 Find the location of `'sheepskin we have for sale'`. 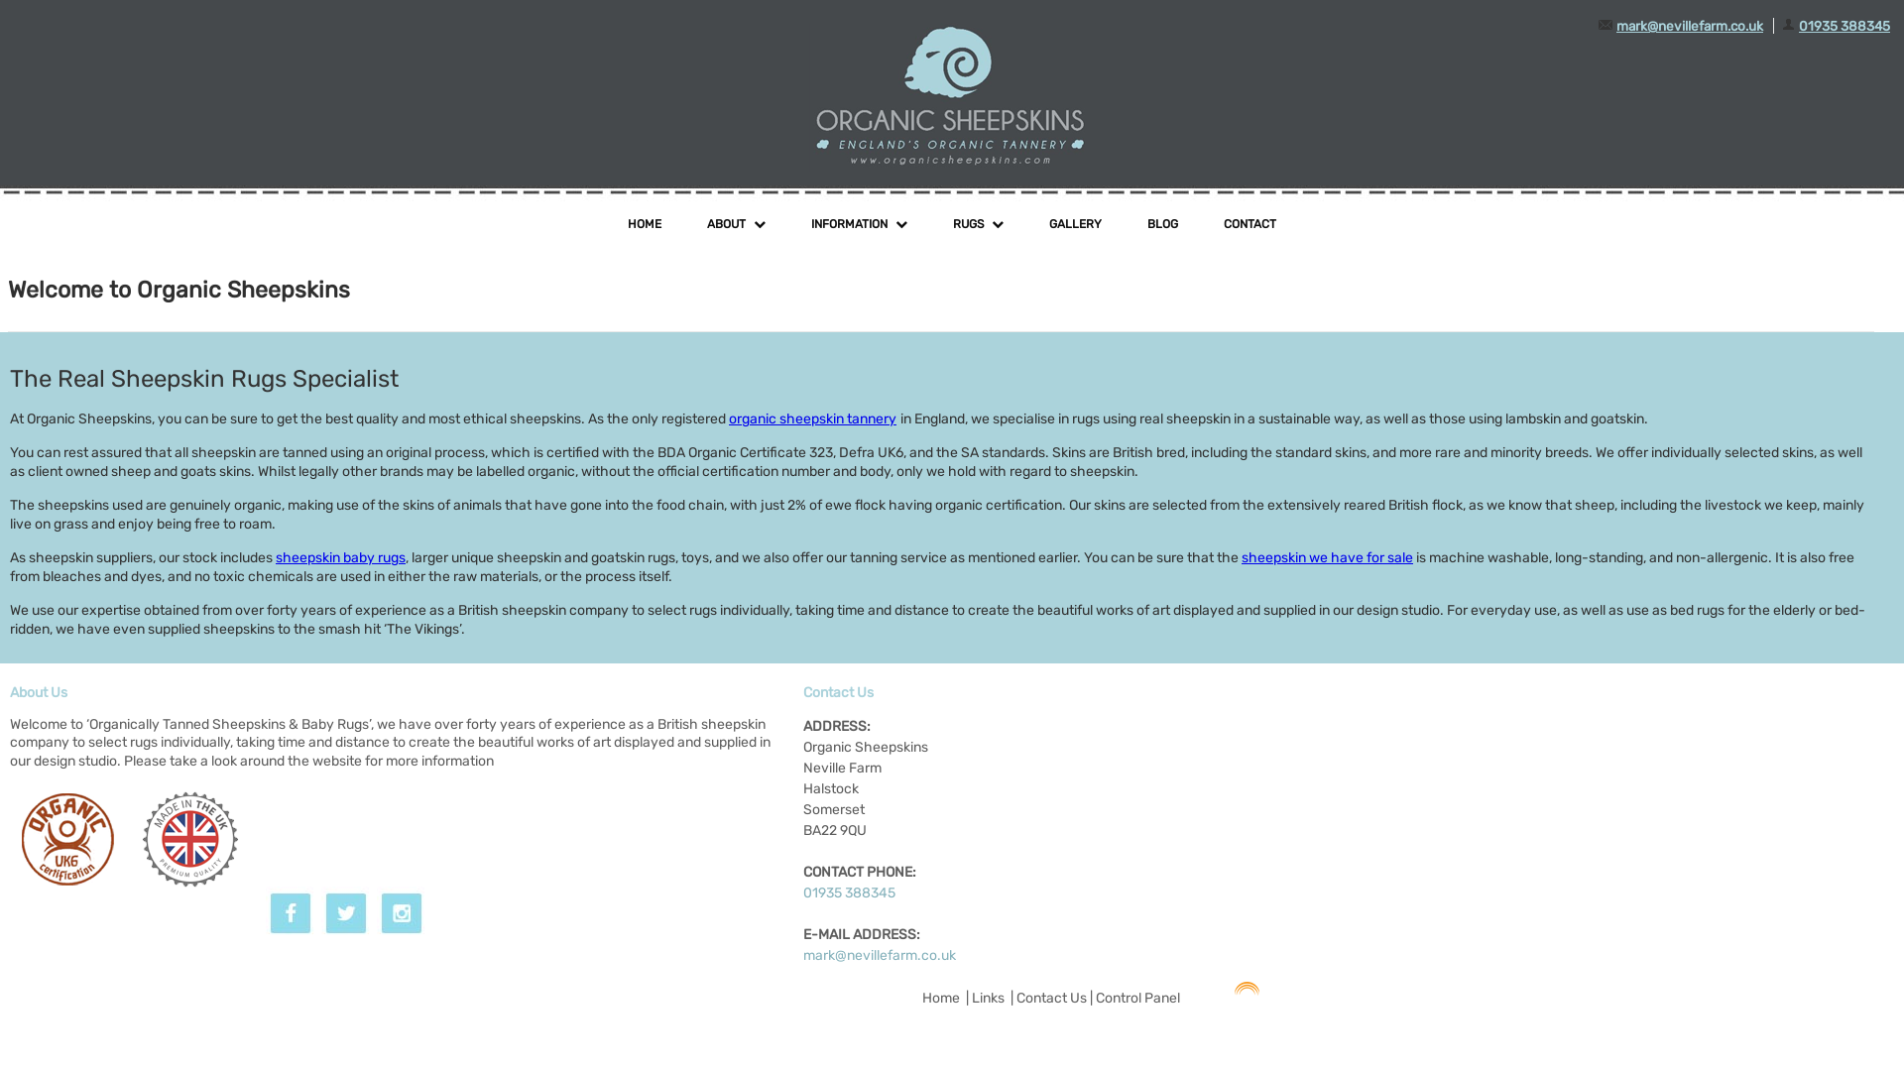

'sheepskin we have for sale' is located at coordinates (1327, 557).